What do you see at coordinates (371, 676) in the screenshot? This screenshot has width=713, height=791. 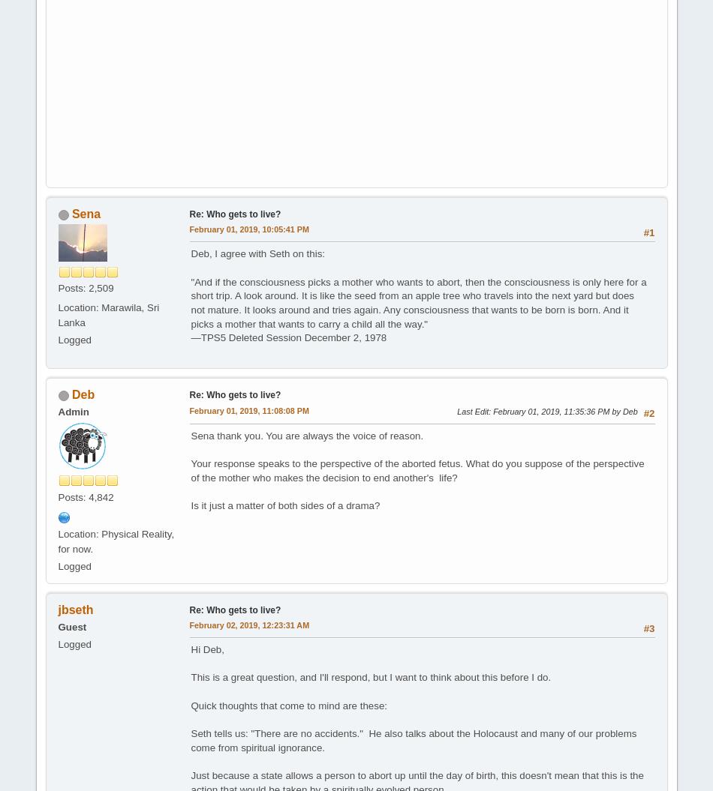 I see `'This is a great question, and I'll respond, but I want to think about this before I do.'` at bounding box center [371, 676].